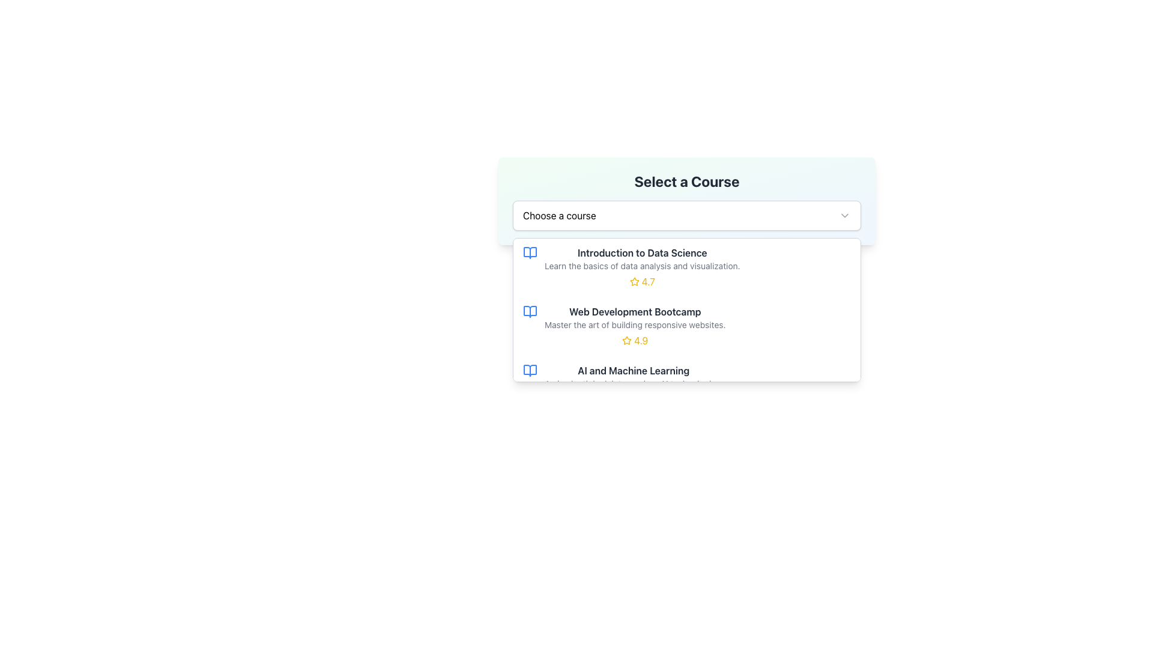 The image size is (1153, 649). I want to click on the second course option, so click(686, 326).